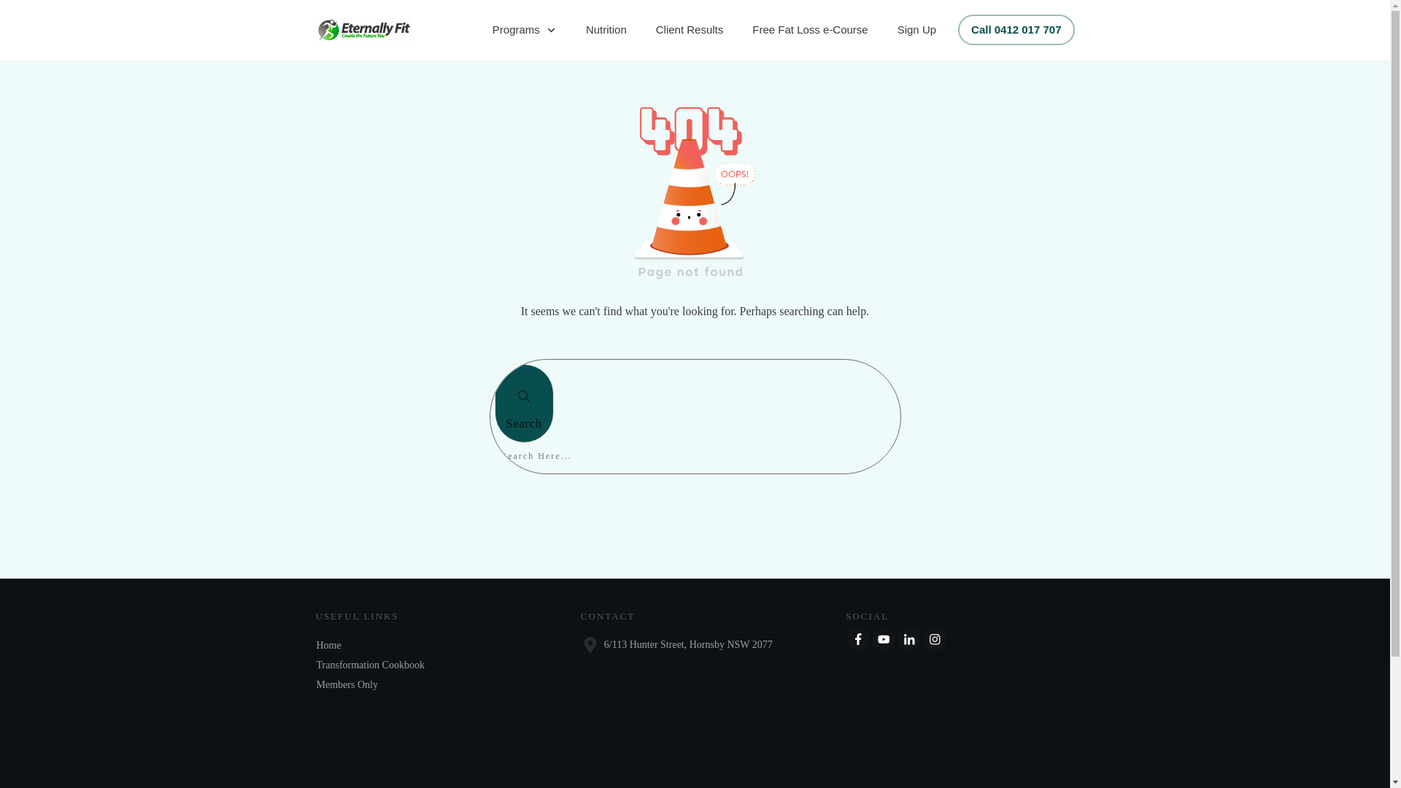  What do you see at coordinates (525, 403) in the screenshot?
I see `'Search'` at bounding box center [525, 403].